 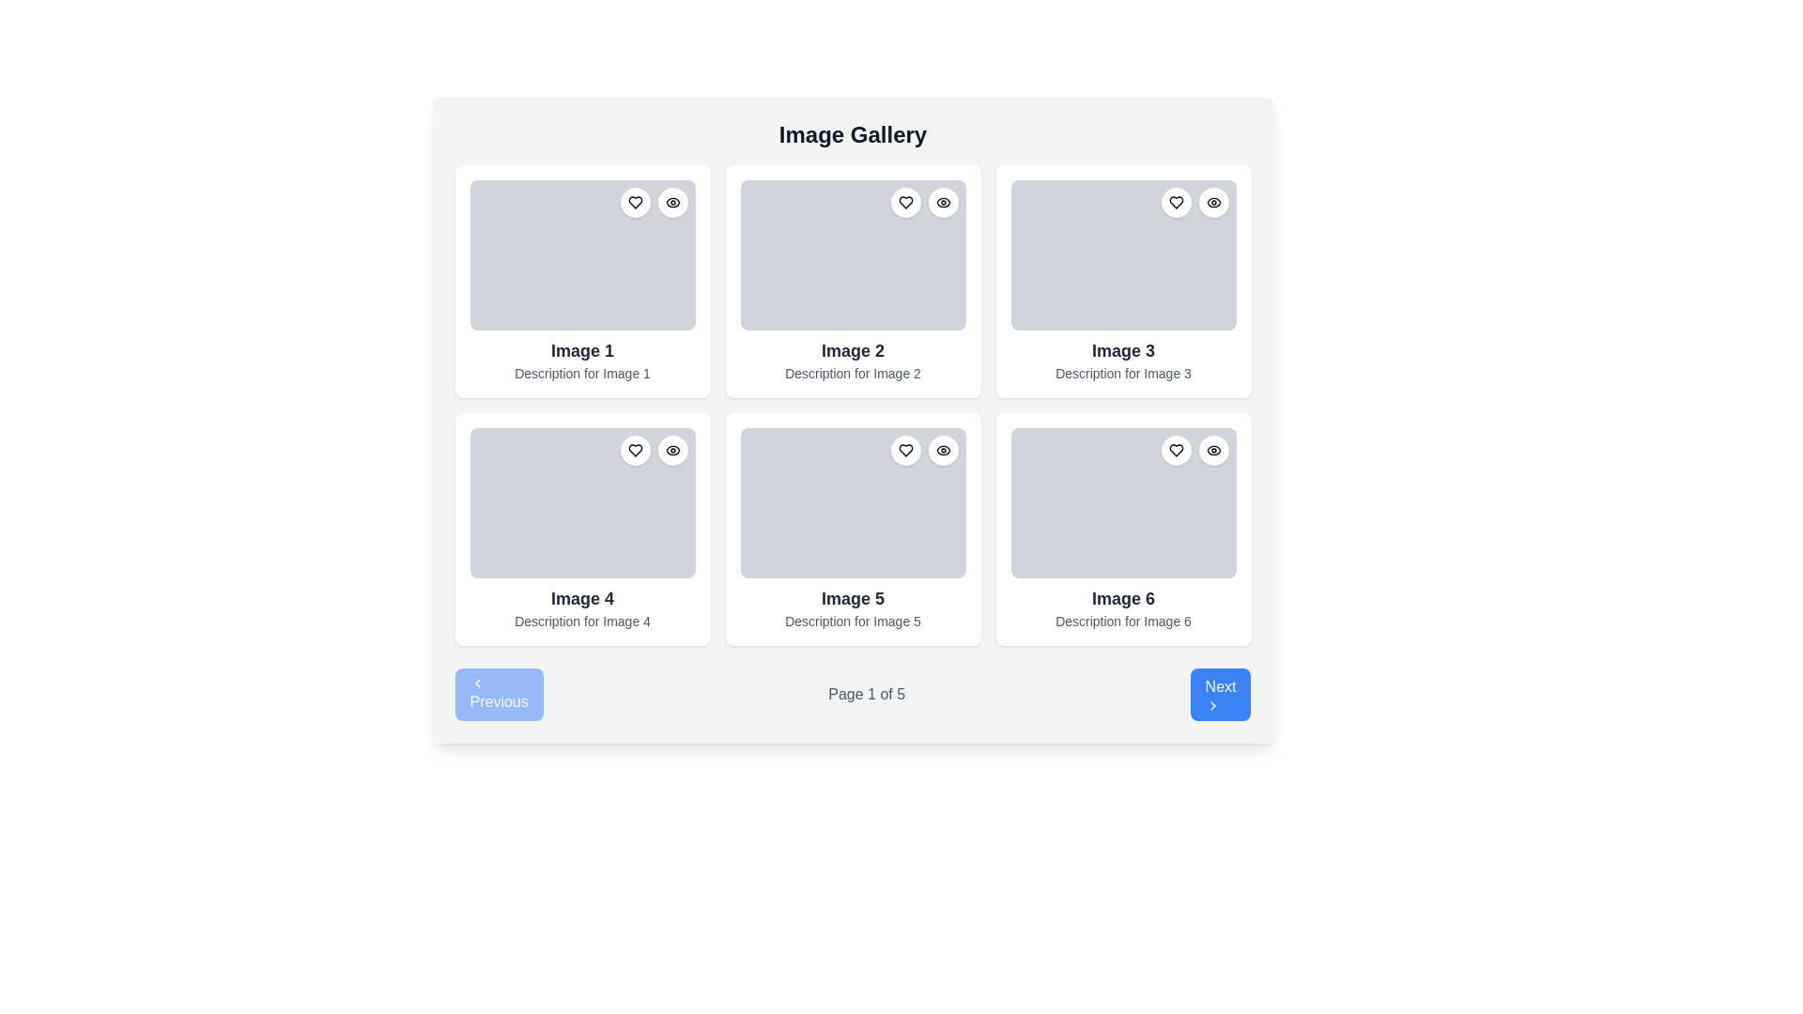 I want to click on text element that serves as a title or label for the content in the fifth card, located in the bottom row, middle column of the image gallery grid, so click(x=852, y=598).